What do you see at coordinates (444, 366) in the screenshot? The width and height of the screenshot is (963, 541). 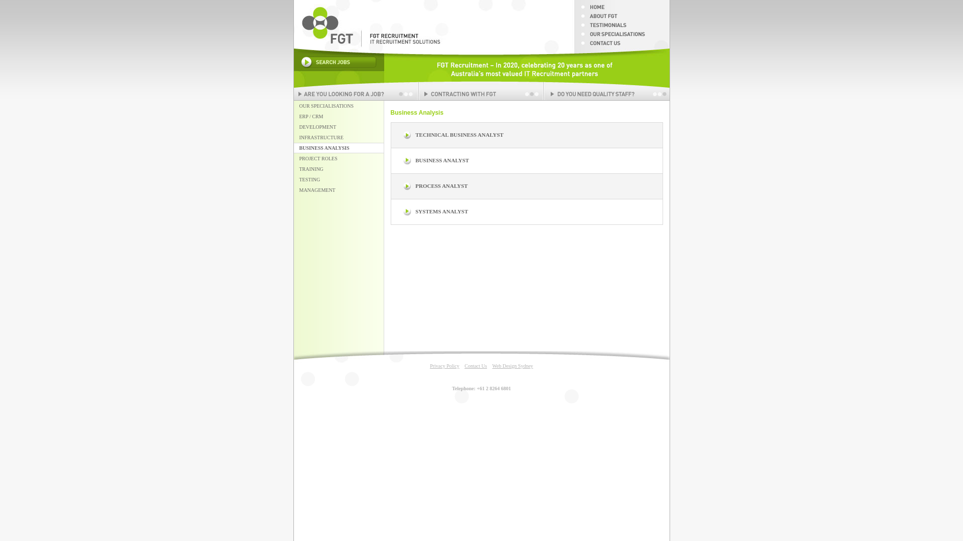 I see `'Privacy Policy'` at bounding box center [444, 366].